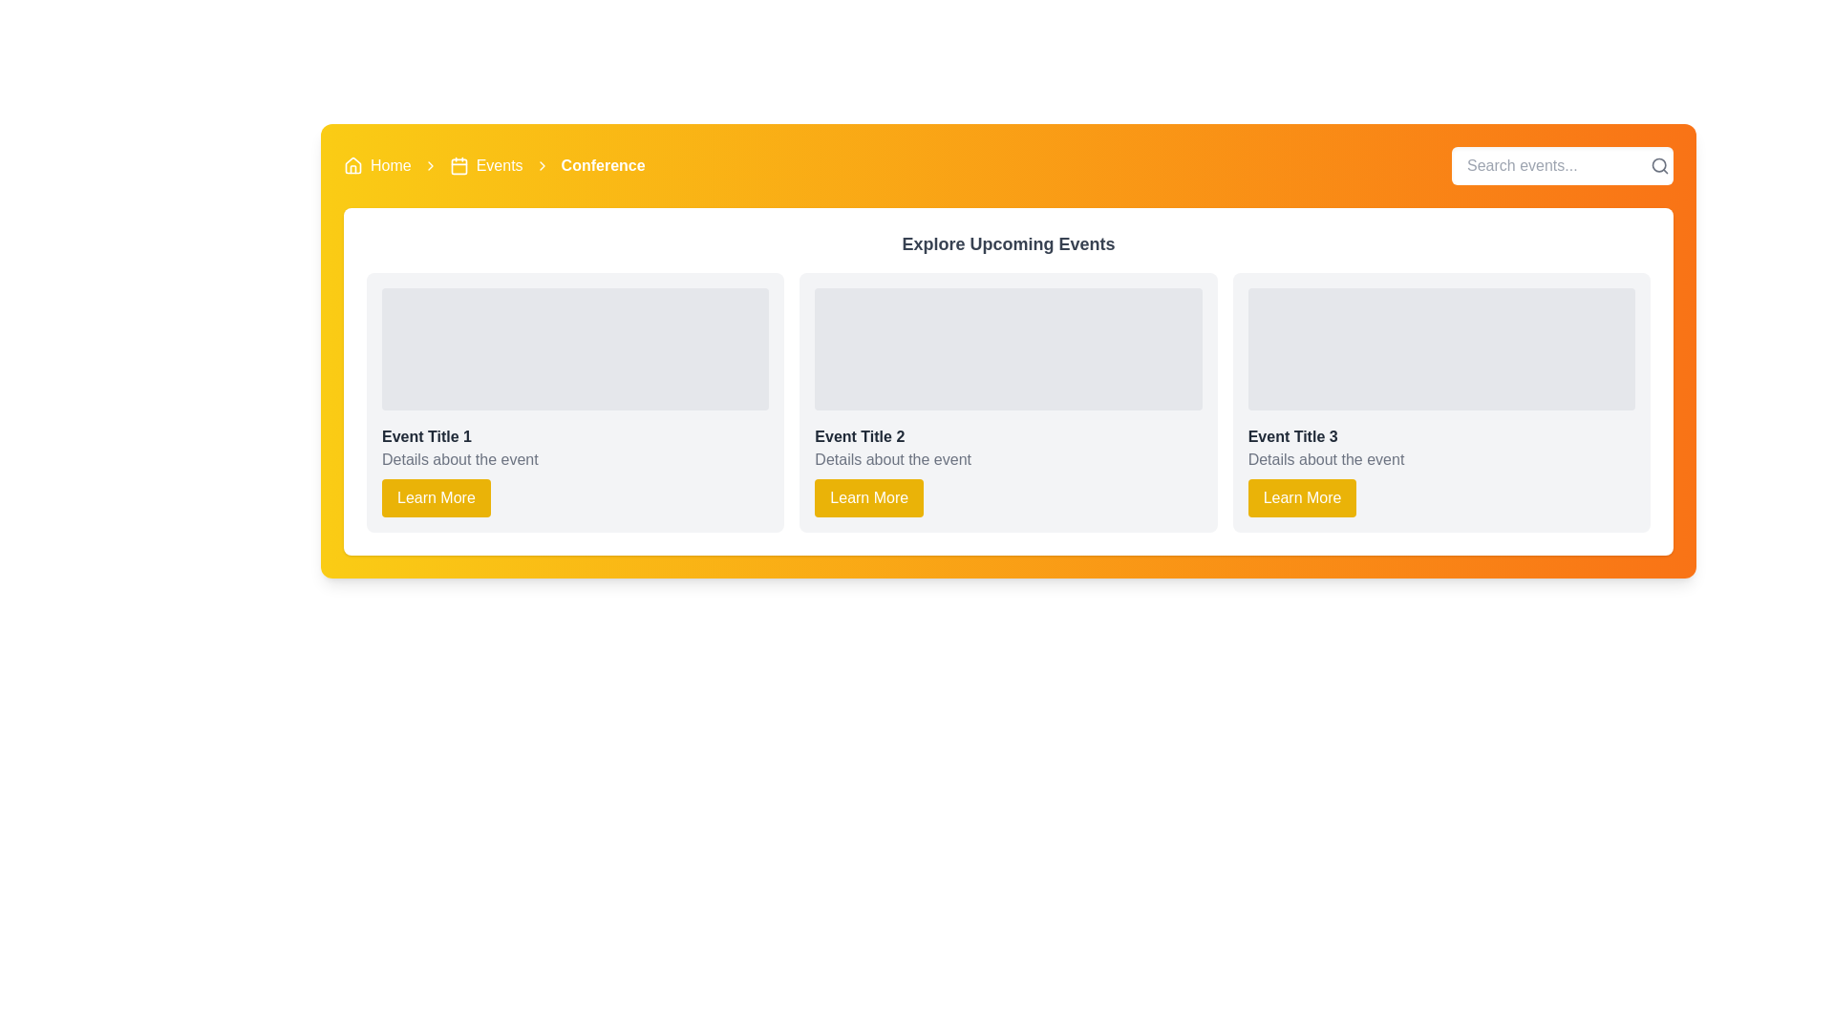 This screenshot has height=1031, width=1834. What do you see at coordinates (425, 437) in the screenshot?
I see `the text label 'Event Title 1', which is prominently displayed in bold dark gray color as a subheading within the event card` at bounding box center [425, 437].